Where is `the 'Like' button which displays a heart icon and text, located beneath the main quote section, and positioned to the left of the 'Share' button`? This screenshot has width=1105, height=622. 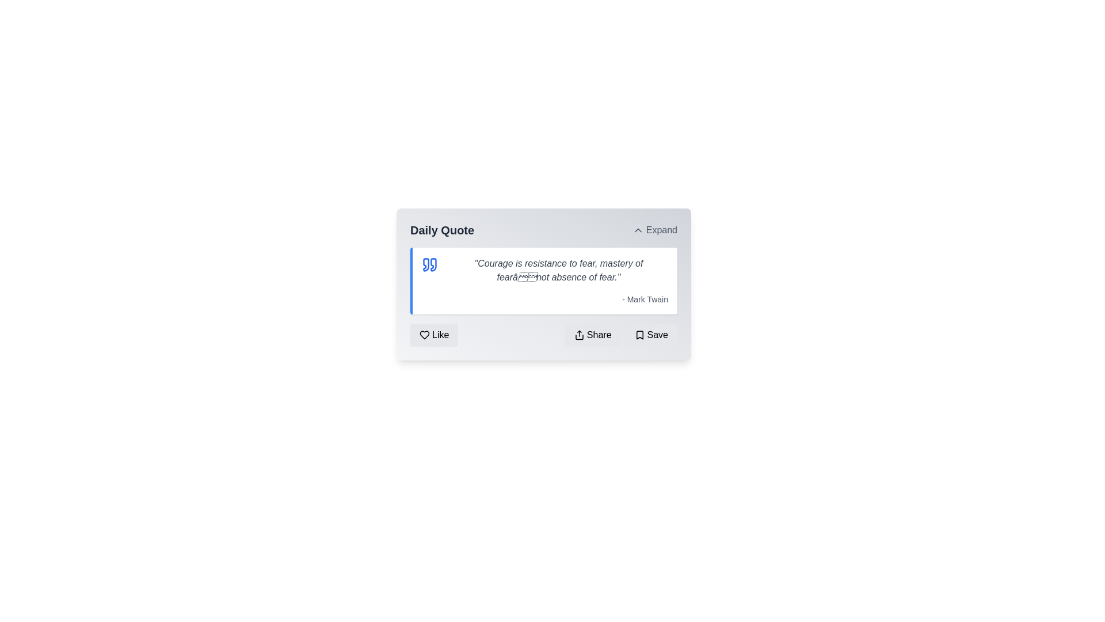 the 'Like' button which displays a heart icon and text, located beneath the main quote section, and positioned to the left of the 'Share' button is located at coordinates (433, 335).